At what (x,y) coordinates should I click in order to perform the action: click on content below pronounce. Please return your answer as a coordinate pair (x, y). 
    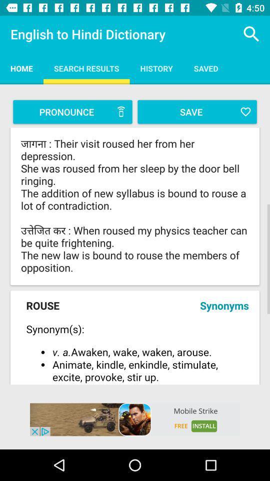
    Looking at the image, I should click on (135, 206).